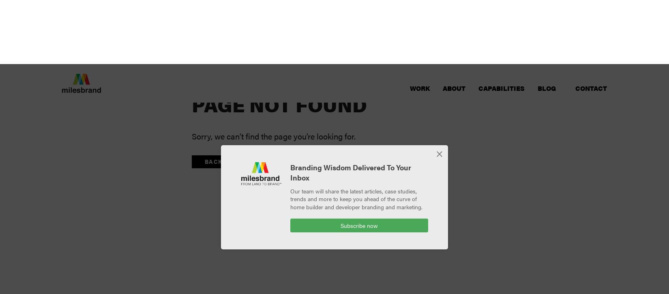 The image size is (669, 294). I want to click on 'Capabilities', so click(478, 24).